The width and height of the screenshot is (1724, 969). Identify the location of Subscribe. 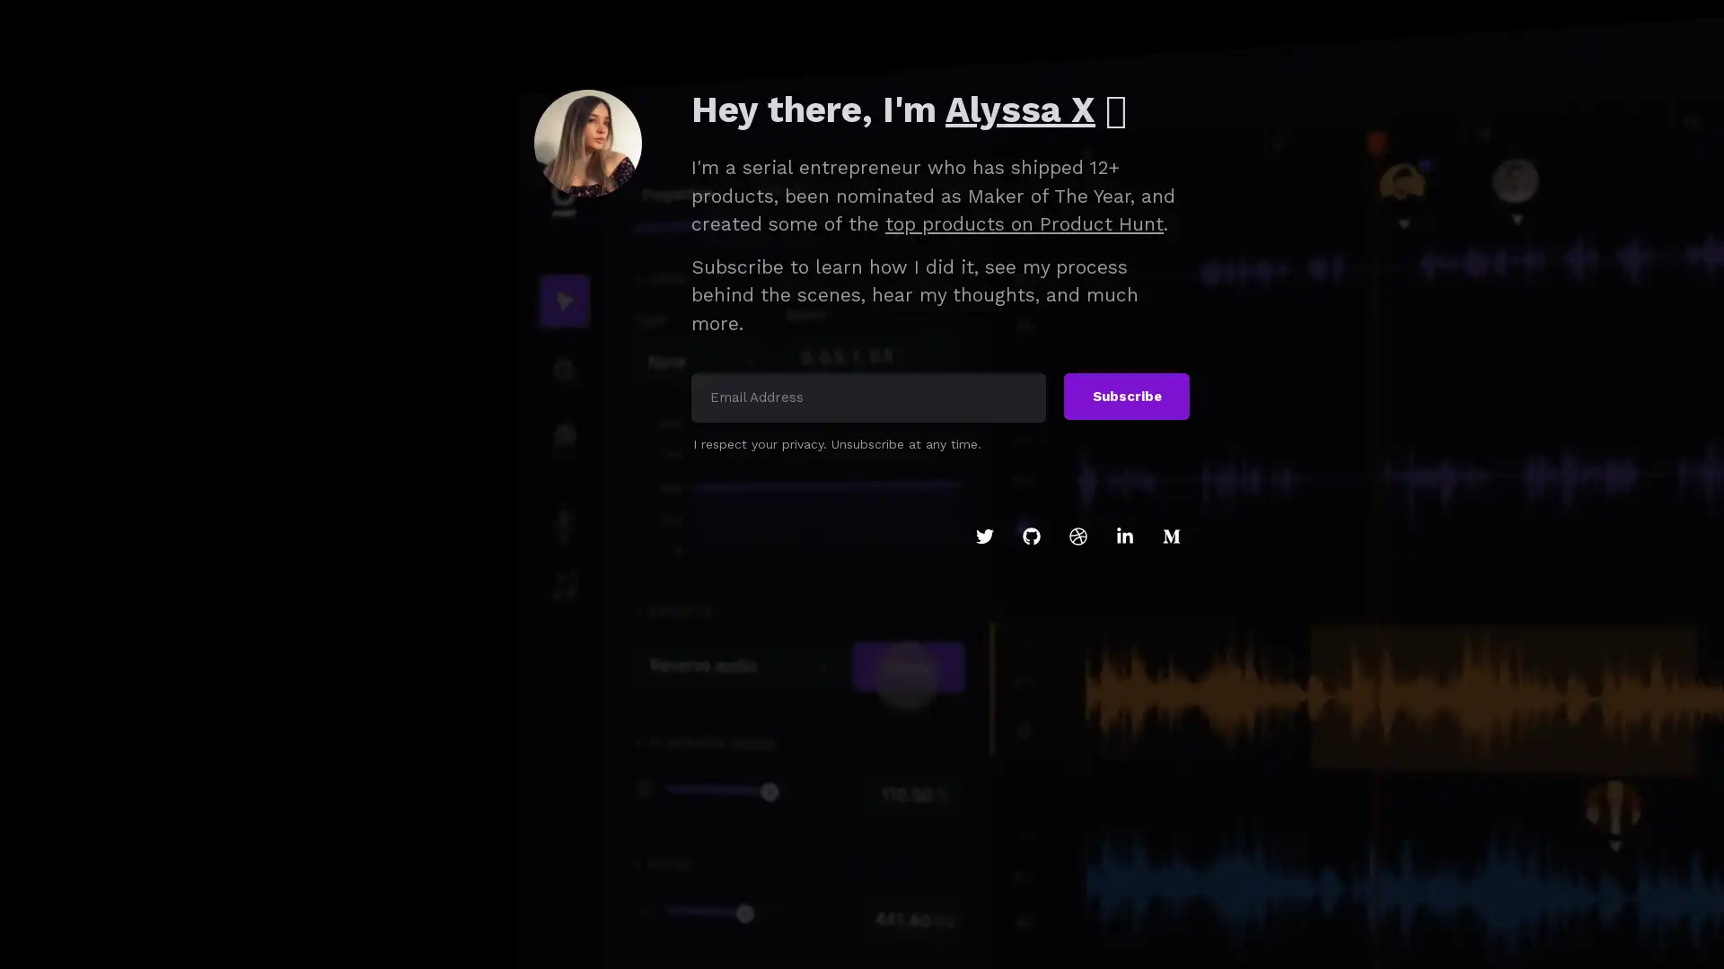
(1125, 396).